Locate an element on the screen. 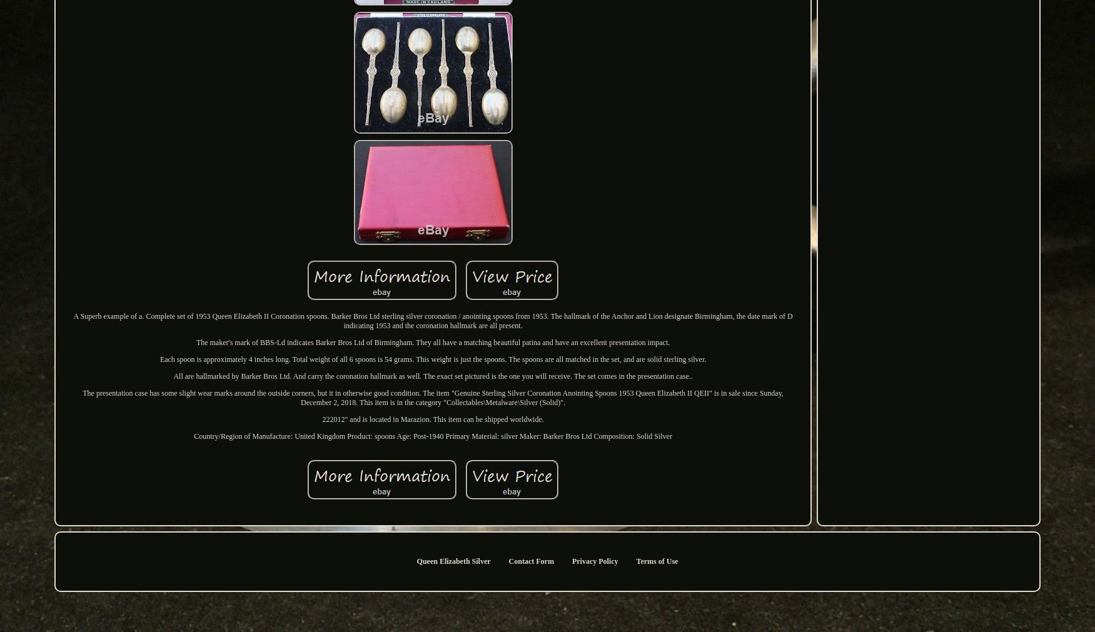 The image size is (1095, 632). 'Terms of Use' is located at coordinates (656, 561).